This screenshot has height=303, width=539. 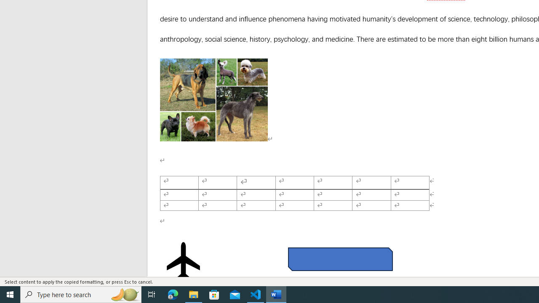 What do you see at coordinates (183, 261) in the screenshot?
I see `'Airplane with solid fill'` at bounding box center [183, 261].